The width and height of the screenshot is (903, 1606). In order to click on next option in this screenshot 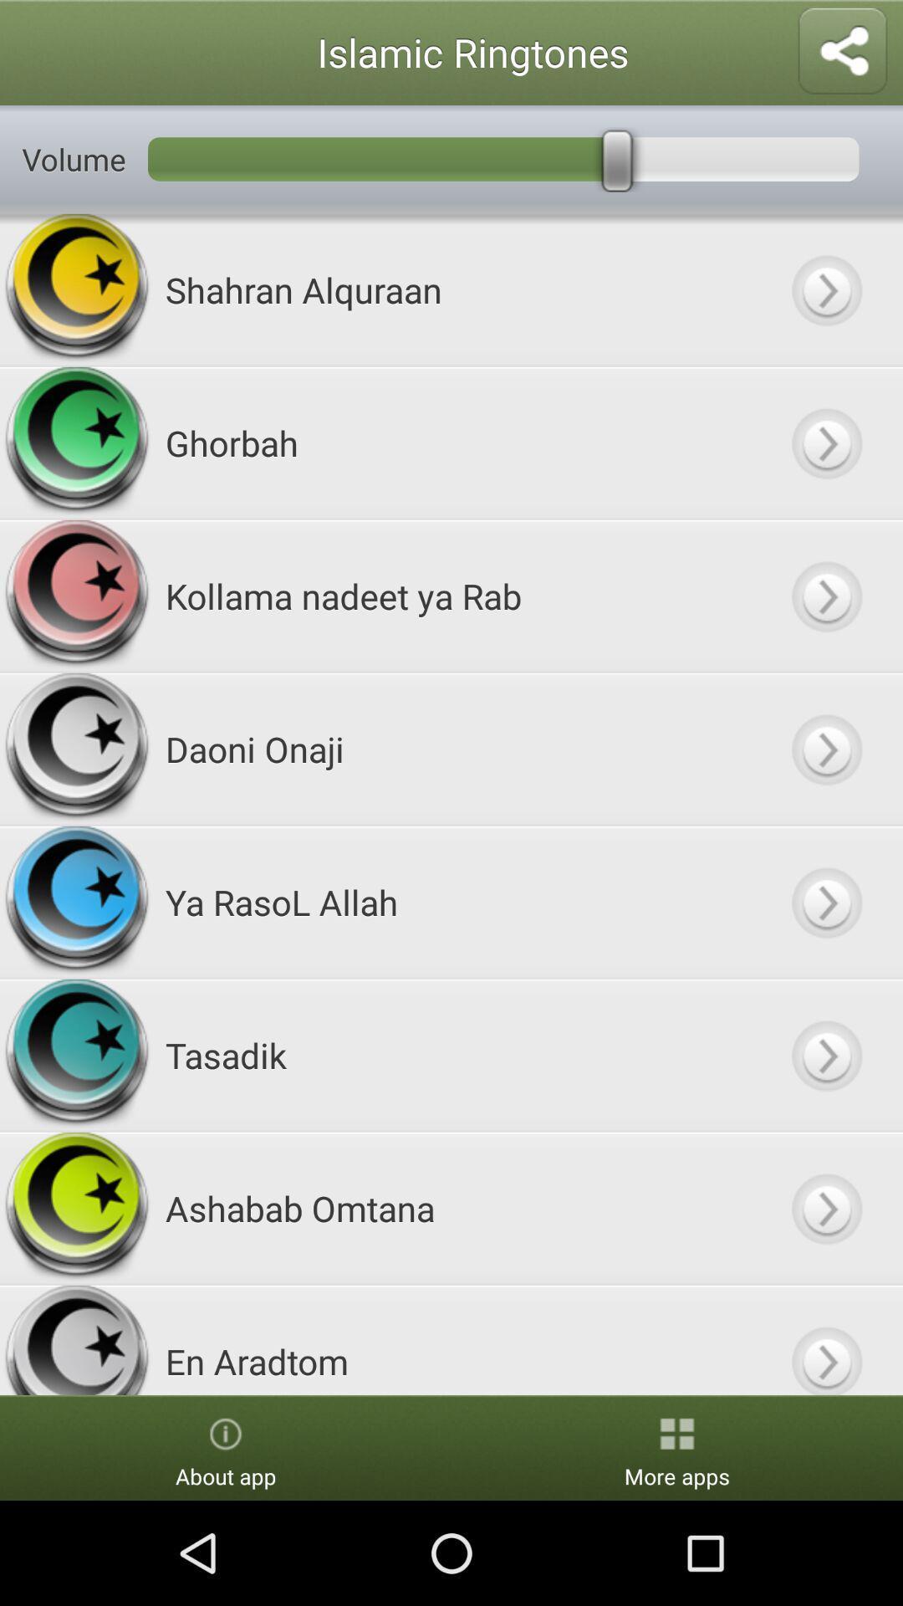, I will do `click(825, 1054)`.